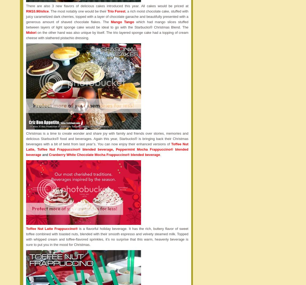 Image resolution: width=306 pixels, height=285 pixels. What do you see at coordinates (107, 24) in the screenshot?
I see `'which had mango slices stuffed between layers of light sponge cake would be ideal to go with the Starbucks® Christmas Blend. The'` at bounding box center [107, 24].